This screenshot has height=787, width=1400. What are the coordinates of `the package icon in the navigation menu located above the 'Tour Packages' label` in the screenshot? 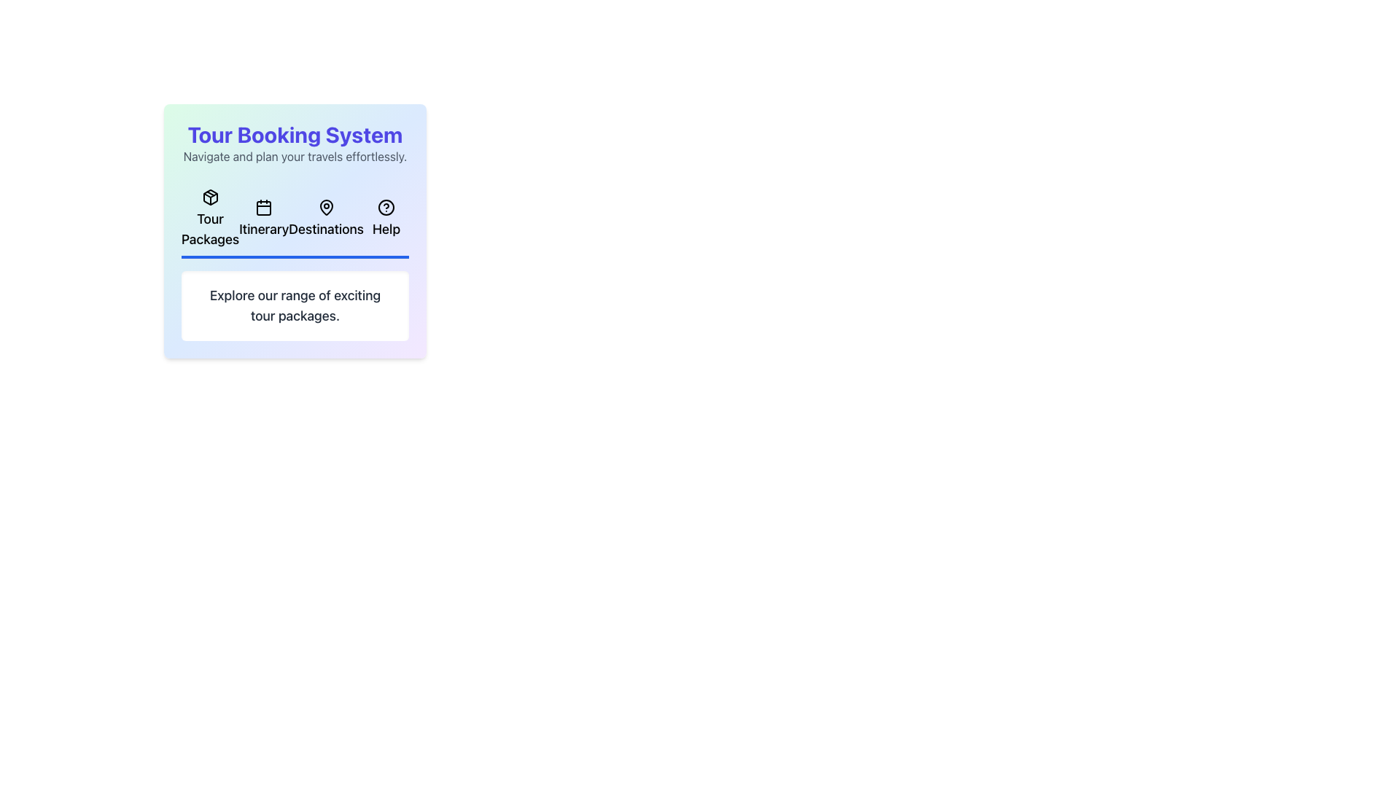 It's located at (209, 197).